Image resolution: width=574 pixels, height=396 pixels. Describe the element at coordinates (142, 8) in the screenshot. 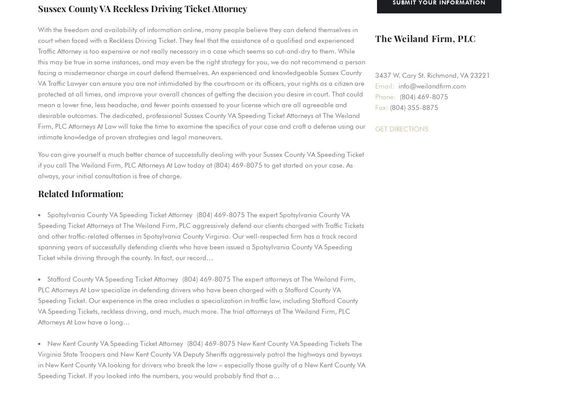

I see `'Sussex County VA Reckless Driving Ticket Attorney'` at that location.